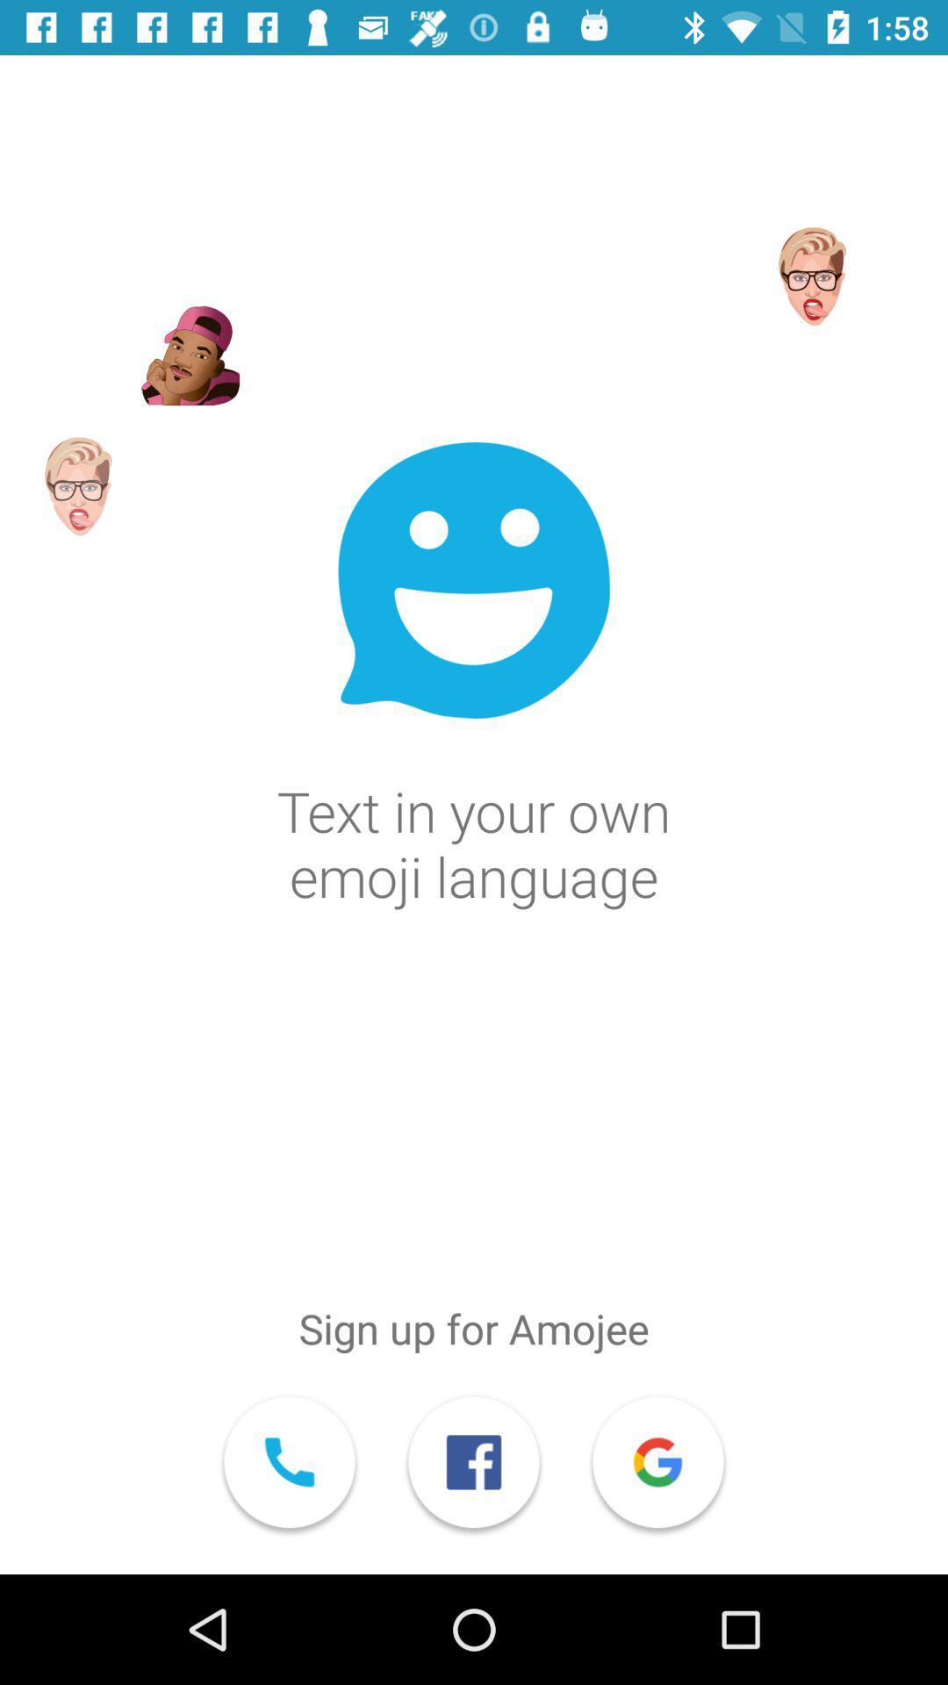  What do you see at coordinates (289, 1465) in the screenshot?
I see `the call icon` at bounding box center [289, 1465].